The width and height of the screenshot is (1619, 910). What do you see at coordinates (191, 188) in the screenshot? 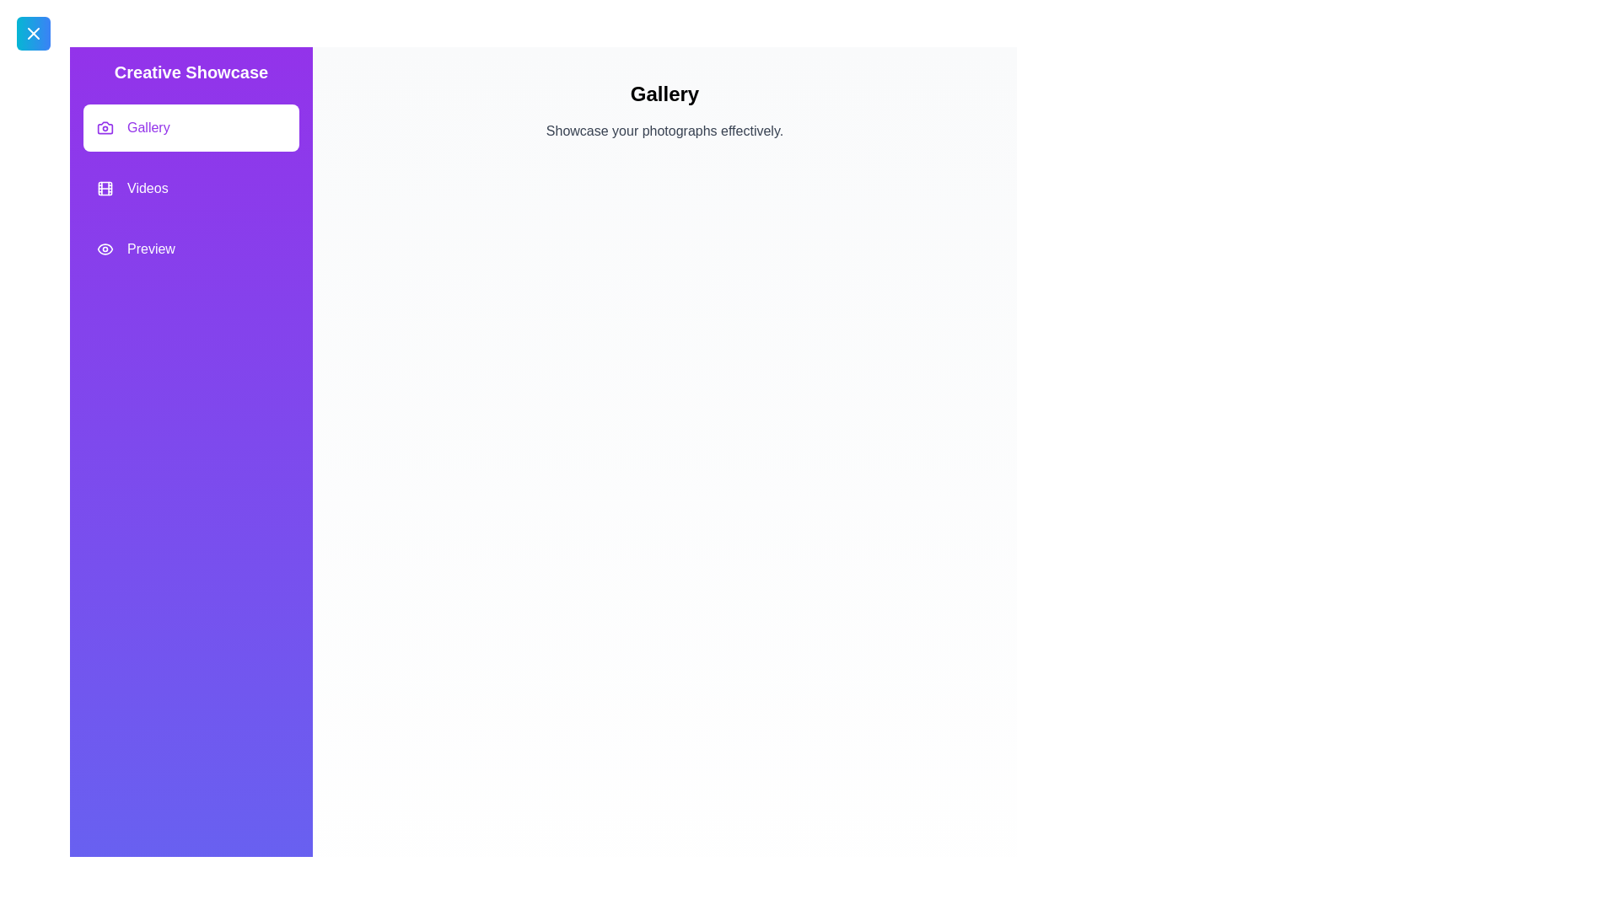
I see `the feature Videos from the feature list` at bounding box center [191, 188].